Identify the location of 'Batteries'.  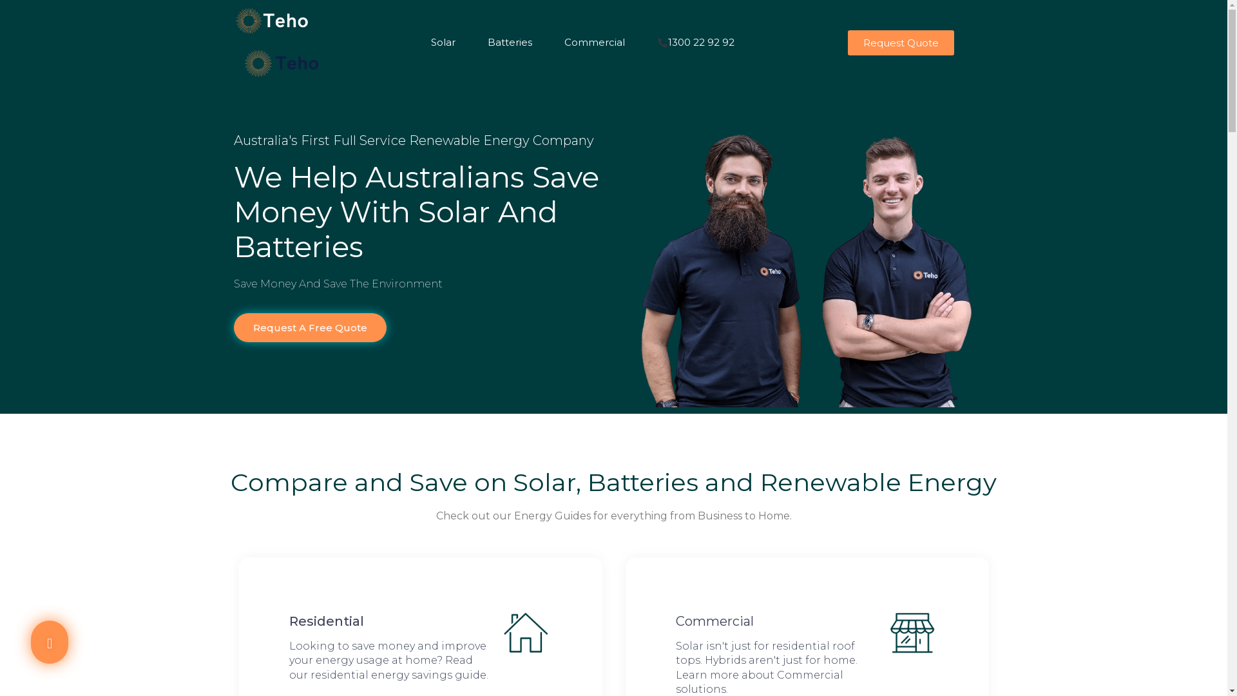
(515, 29).